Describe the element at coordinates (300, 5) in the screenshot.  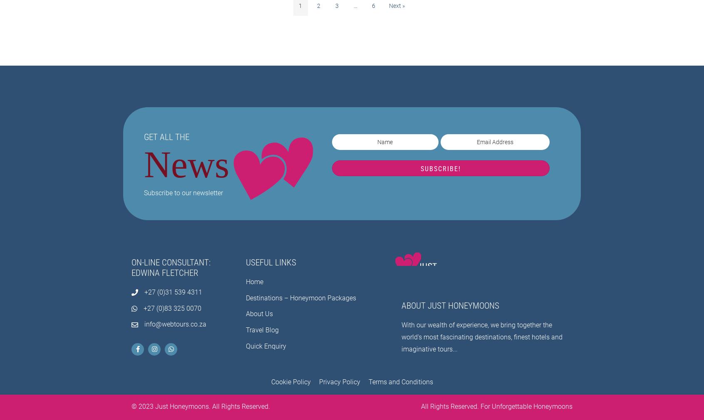
I see `'1'` at that location.